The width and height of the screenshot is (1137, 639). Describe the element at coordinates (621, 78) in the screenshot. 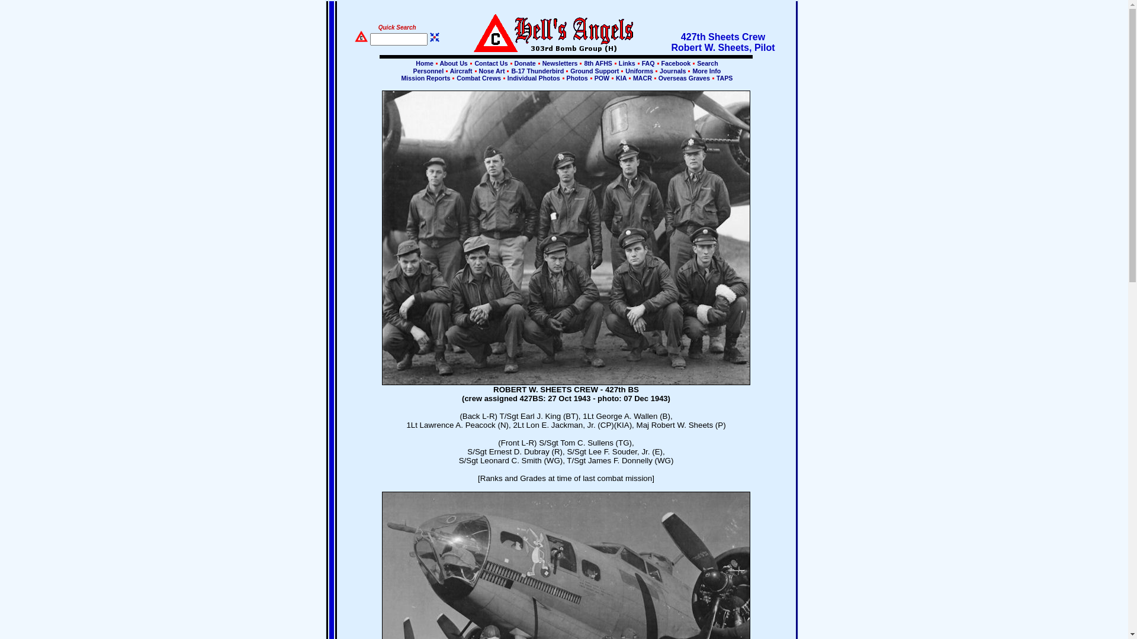

I see `'KIA'` at that location.